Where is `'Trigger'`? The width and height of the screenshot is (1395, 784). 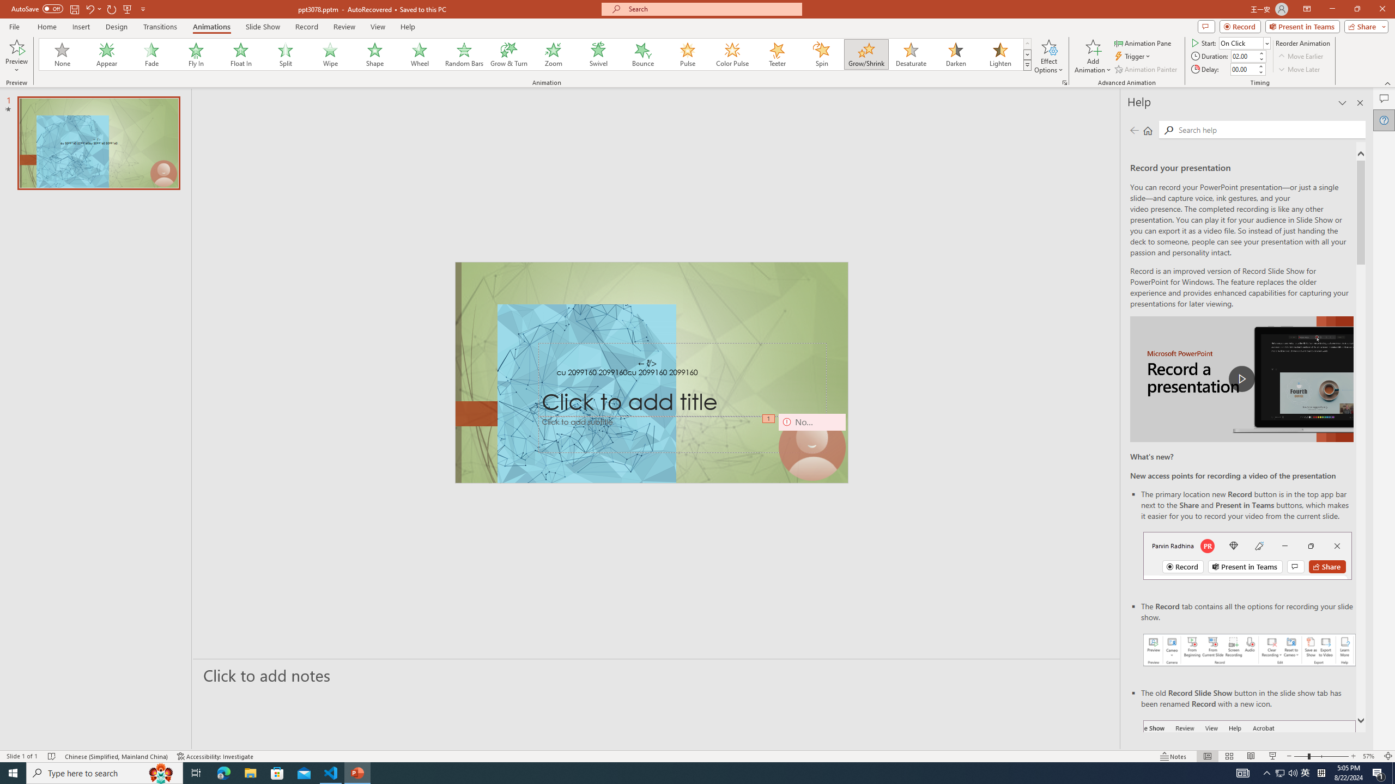
'Trigger' is located at coordinates (1133, 56).